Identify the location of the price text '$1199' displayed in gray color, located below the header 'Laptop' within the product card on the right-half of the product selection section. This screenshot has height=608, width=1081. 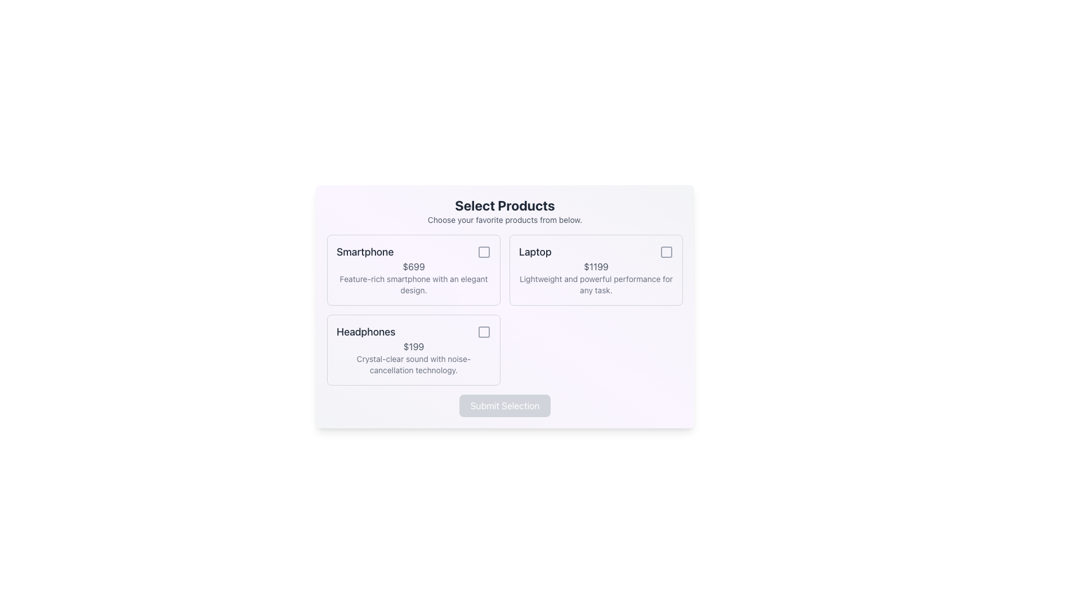
(596, 267).